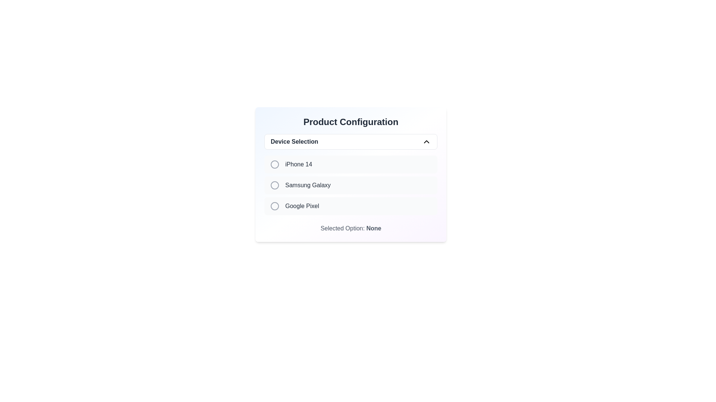 The width and height of the screenshot is (716, 402). Describe the element at coordinates (299, 164) in the screenshot. I see `the static text label displaying 'iPhone 14', which is located beside a circular icon within the 'Product Configuration' card under 'Device Selection'` at that location.